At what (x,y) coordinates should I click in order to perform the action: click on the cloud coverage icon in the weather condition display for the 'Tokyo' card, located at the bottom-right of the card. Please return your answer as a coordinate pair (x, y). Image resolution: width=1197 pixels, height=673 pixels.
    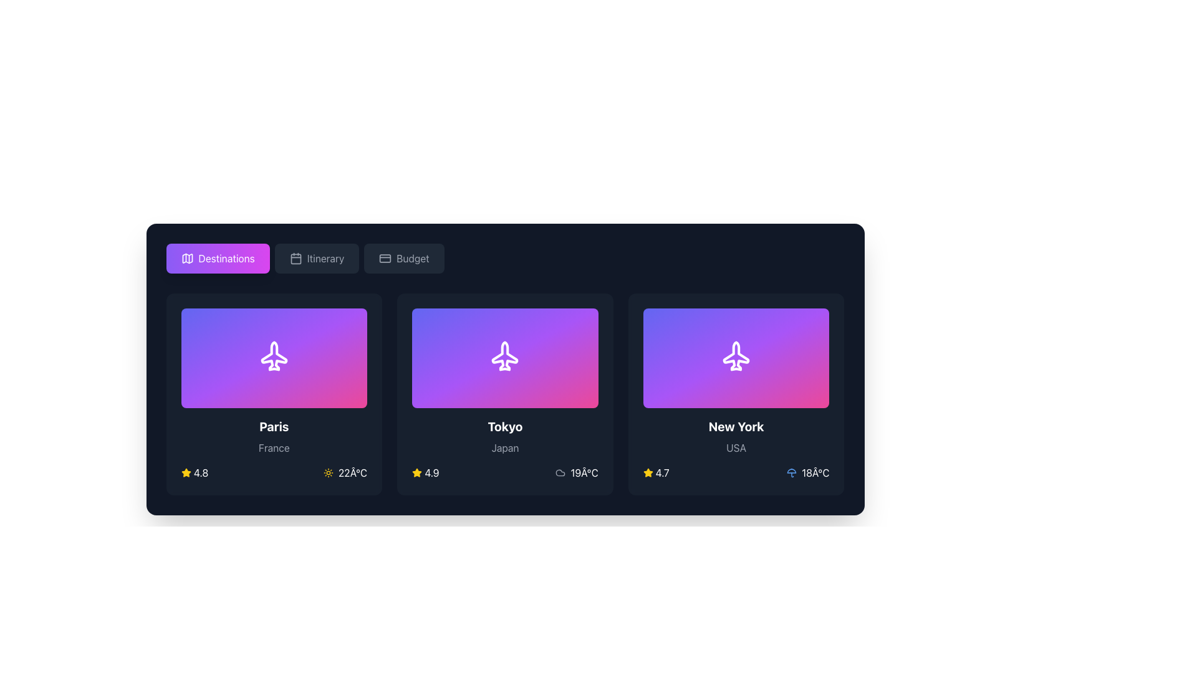
    Looking at the image, I should click on (560, 473).